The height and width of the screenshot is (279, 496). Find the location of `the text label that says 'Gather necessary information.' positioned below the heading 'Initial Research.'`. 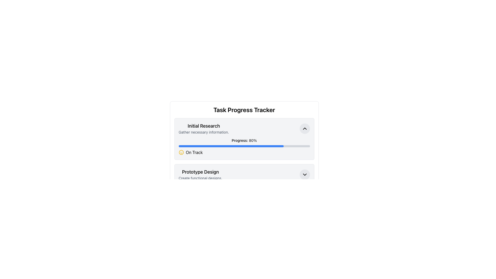

the text label that says 'Gather necessary information.' positioned below the heading 'Initial Research.' is located at coordinates (203, 132).